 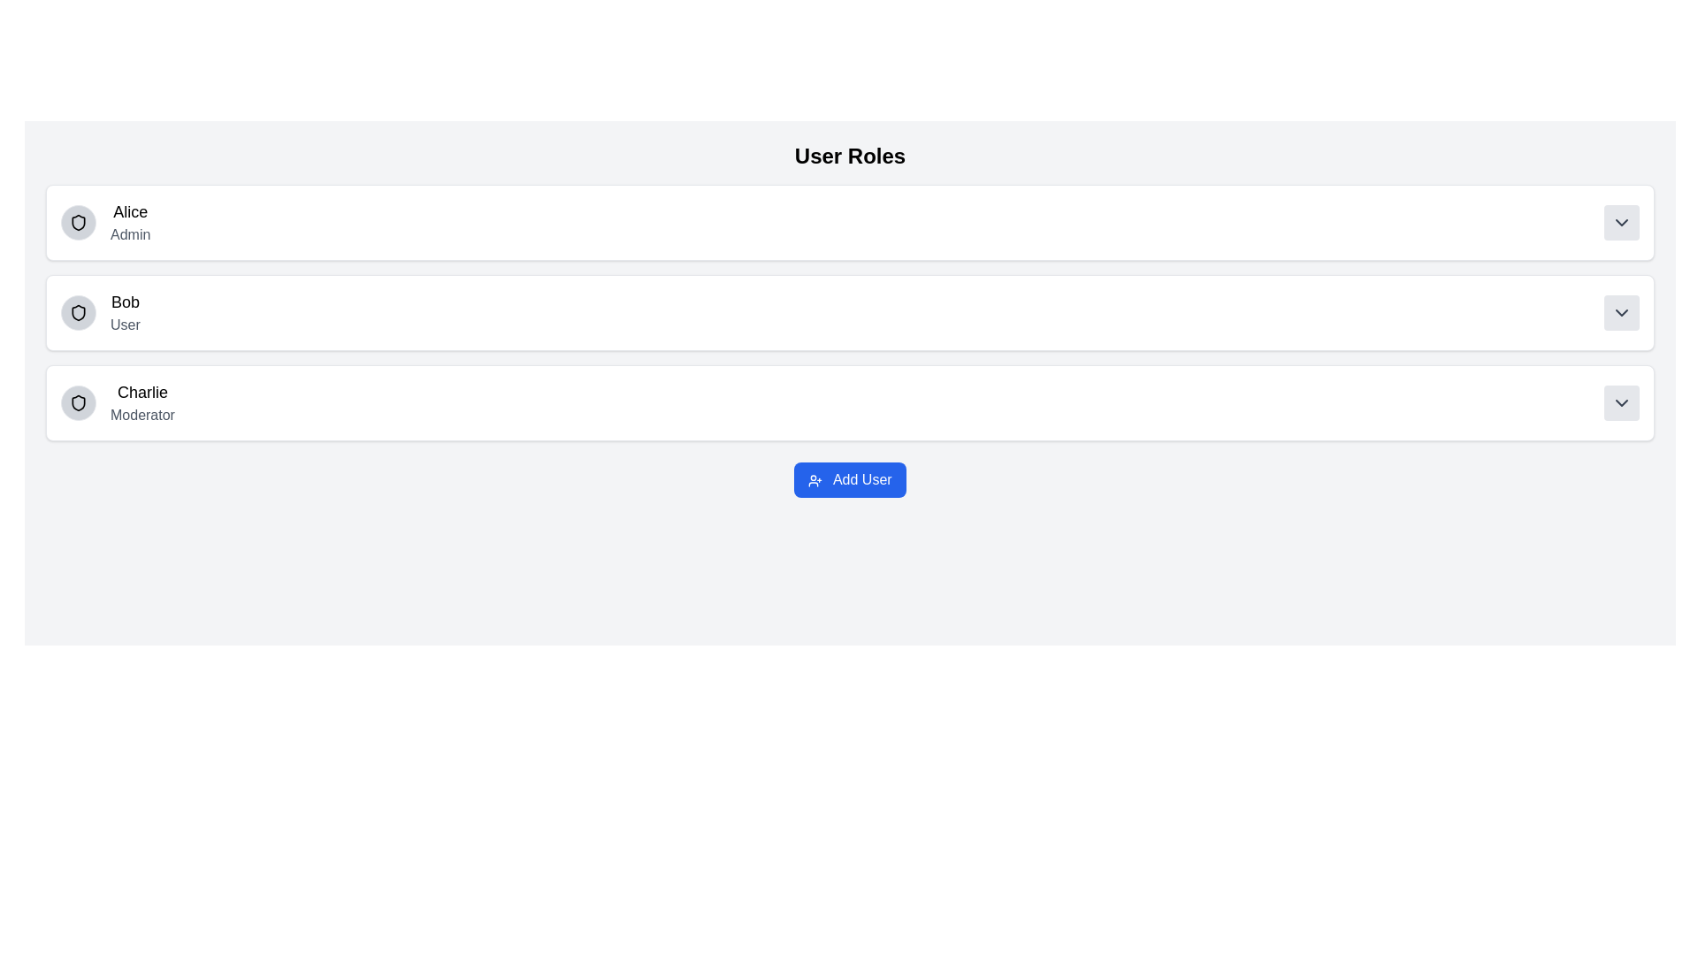 What do you see at coordinates (129, 234) in the screenshot?
I see `the text label indicating the user's role or designation, which is positioned below the text 'Alice' in the top-left area of the first user card` at bounding box center [129, 234].